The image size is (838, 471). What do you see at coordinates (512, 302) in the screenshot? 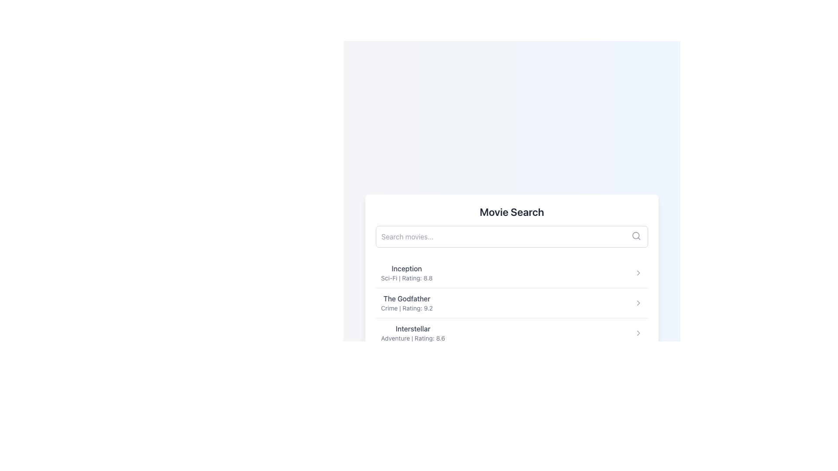
I see `the second list item representing the movie 'The Godfather'` at bounding box center [512, 302].